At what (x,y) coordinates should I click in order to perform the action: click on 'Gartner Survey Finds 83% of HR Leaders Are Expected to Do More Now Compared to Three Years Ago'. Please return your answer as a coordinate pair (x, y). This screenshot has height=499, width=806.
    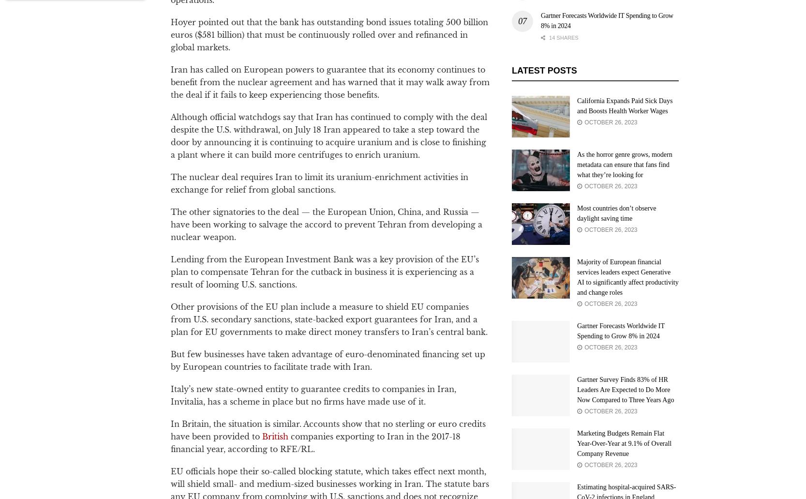
    Looking at the image, I should click on (625, 389).